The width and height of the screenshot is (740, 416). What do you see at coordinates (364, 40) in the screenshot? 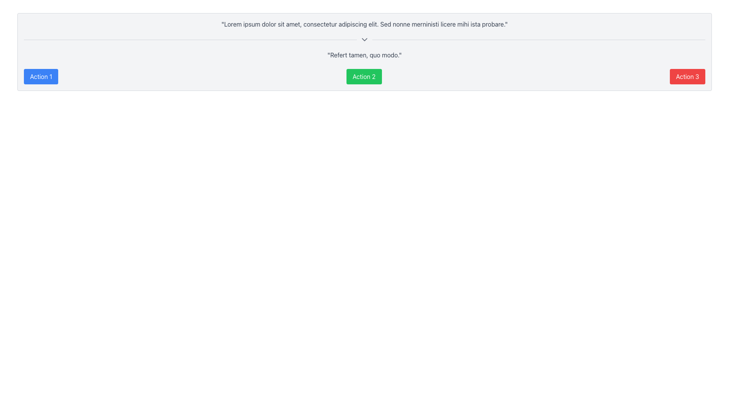
I see `the icon located in the middle of the horizontal bar` at bounding box center [364, 40].